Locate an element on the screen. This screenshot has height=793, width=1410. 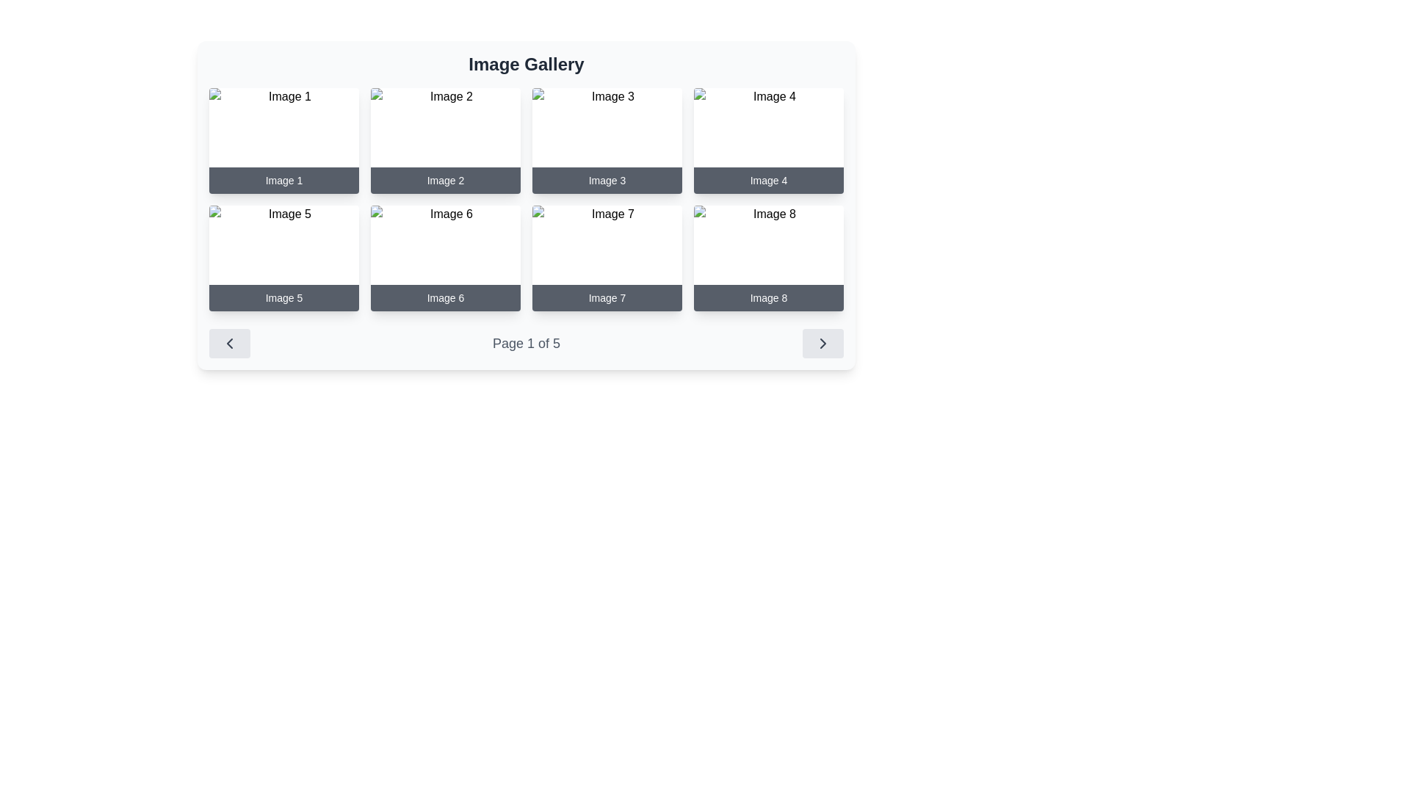
the Card element containing an image and caption with the caption 'Image 1' located in the first column of the first row, which has a dark gray overlay and rounded corners is located at coordinates (284, 141).